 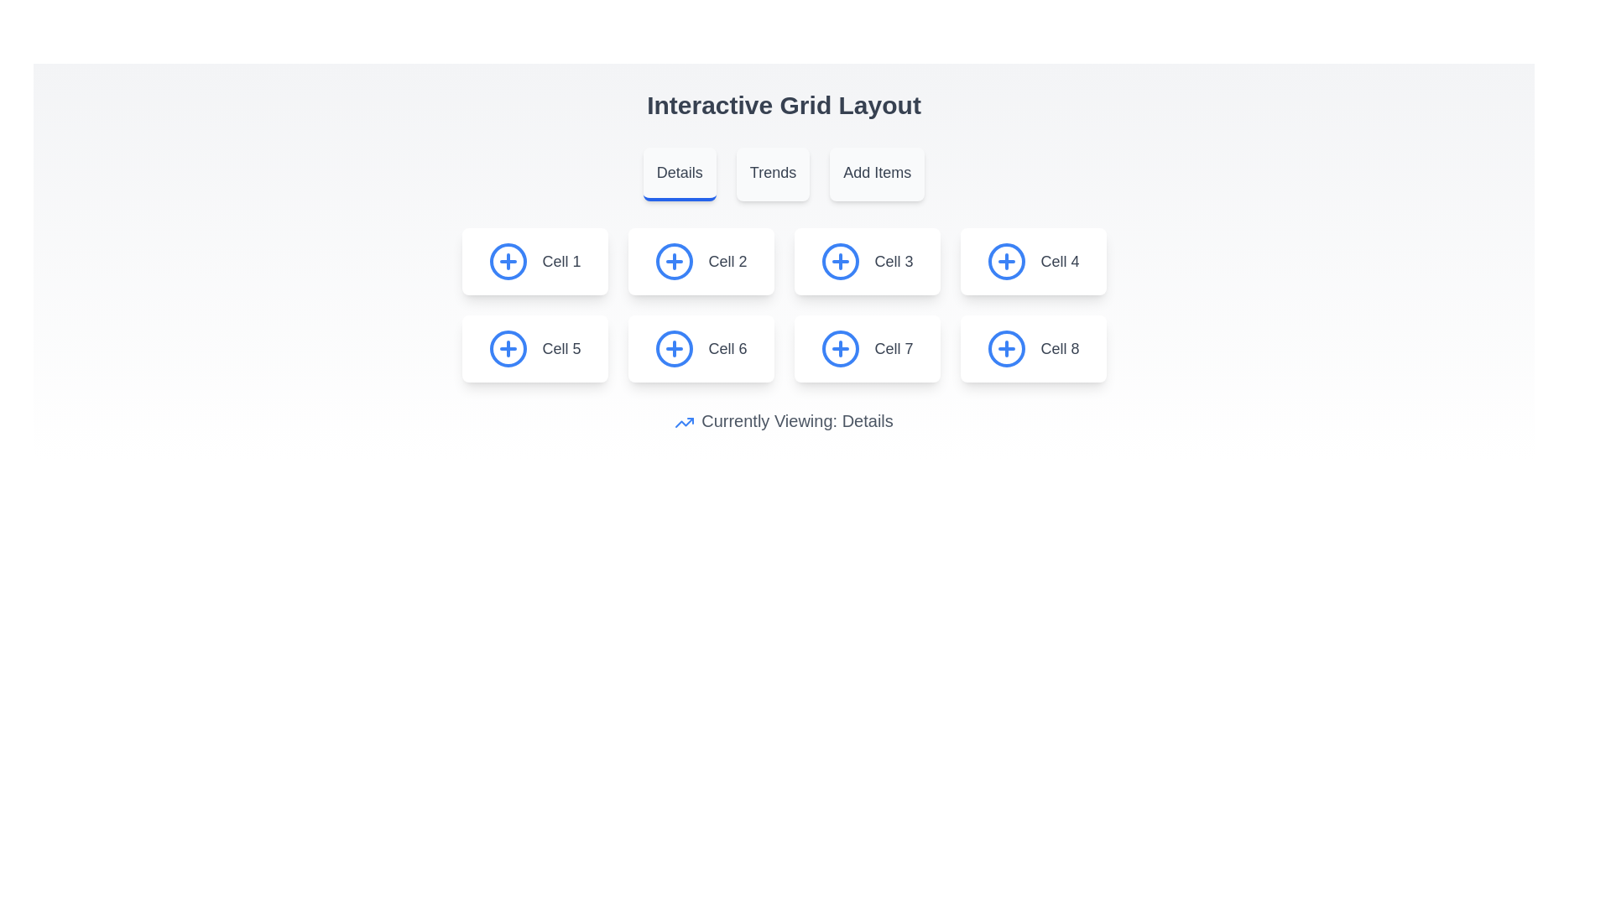 I want to click on the circular plus icon with a blue border and blue plus sign located in Cell 2, so click(x=675, y=262).